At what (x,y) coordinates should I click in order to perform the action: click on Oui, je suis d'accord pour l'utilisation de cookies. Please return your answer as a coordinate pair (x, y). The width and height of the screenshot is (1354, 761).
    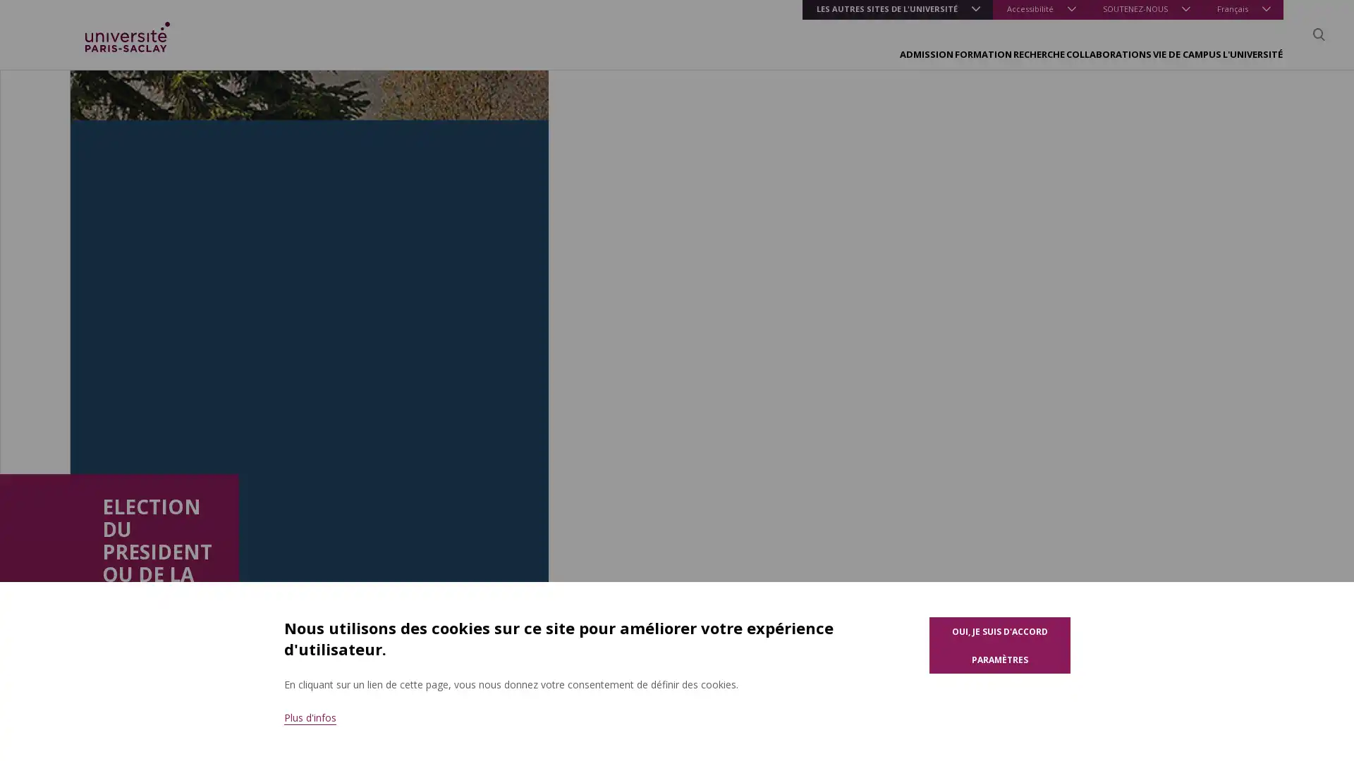
    Looking at the image, I should click on (998, 630).